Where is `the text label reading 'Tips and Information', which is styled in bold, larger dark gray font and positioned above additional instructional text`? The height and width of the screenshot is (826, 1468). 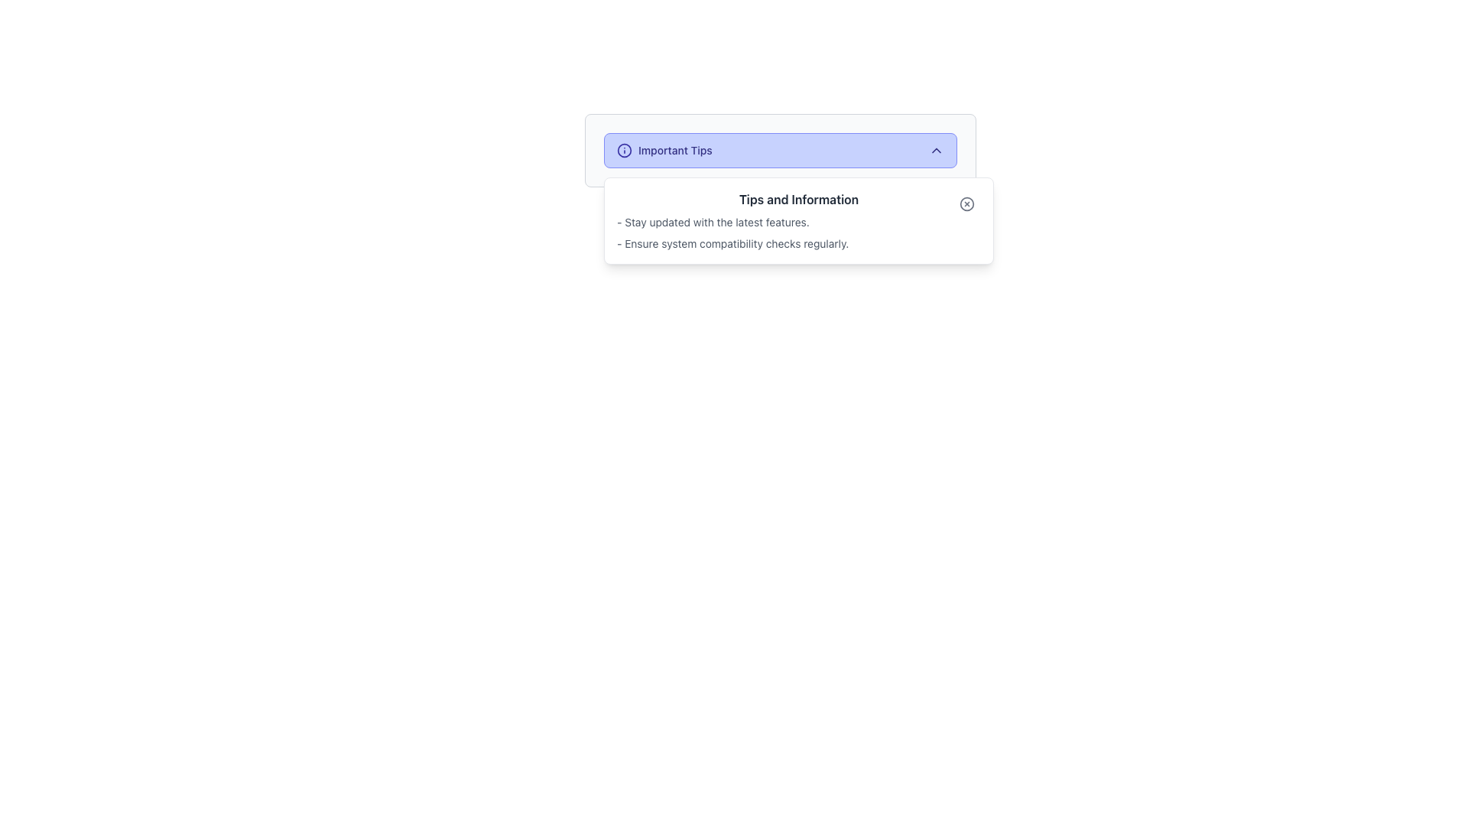
the text label reading 'Tips and Information', which is styled in bold, larger dark gray font and positioned above additional instructional text is located at coordinates (798, 199).